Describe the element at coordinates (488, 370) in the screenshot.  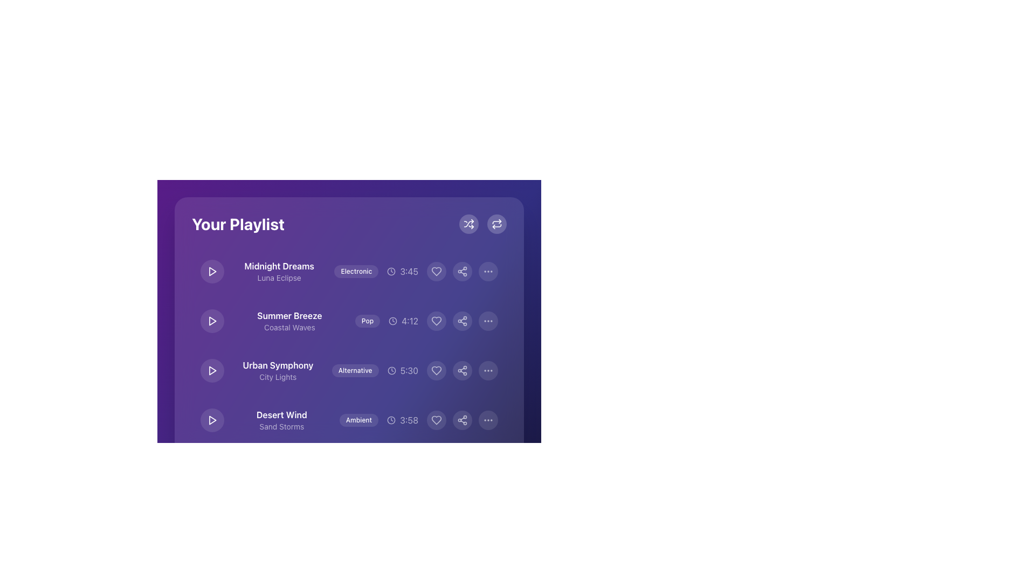
I see `the 'more options' menu icon represented by three dots in a horizontal line, located at the far right end of the row for the 'Urban Symphony' track in the playlist to observe the hover effect` at that location.